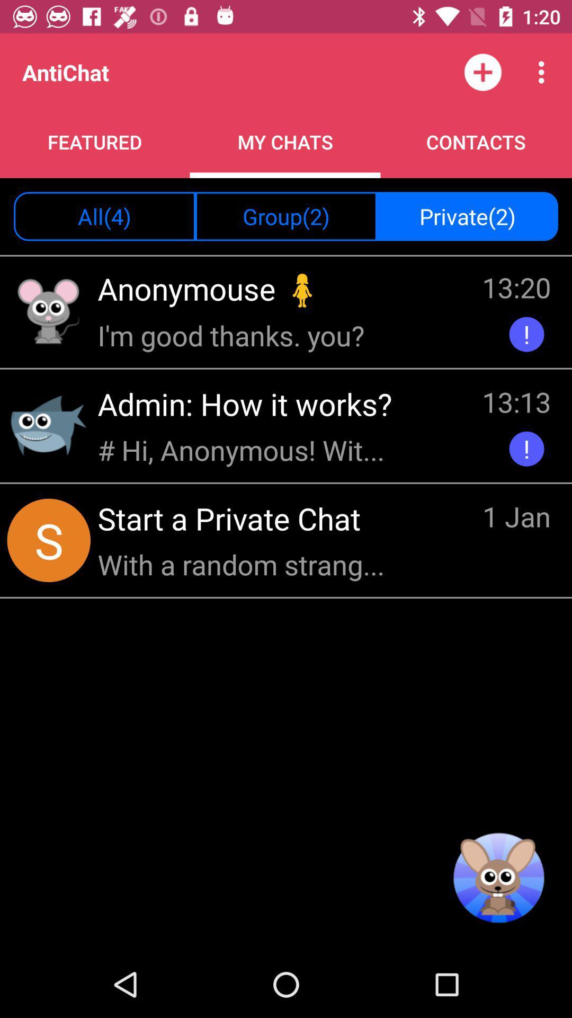 This screenshot has height=1018, width=572. I want to click on icon next to group(2) item, so click(467, 216).